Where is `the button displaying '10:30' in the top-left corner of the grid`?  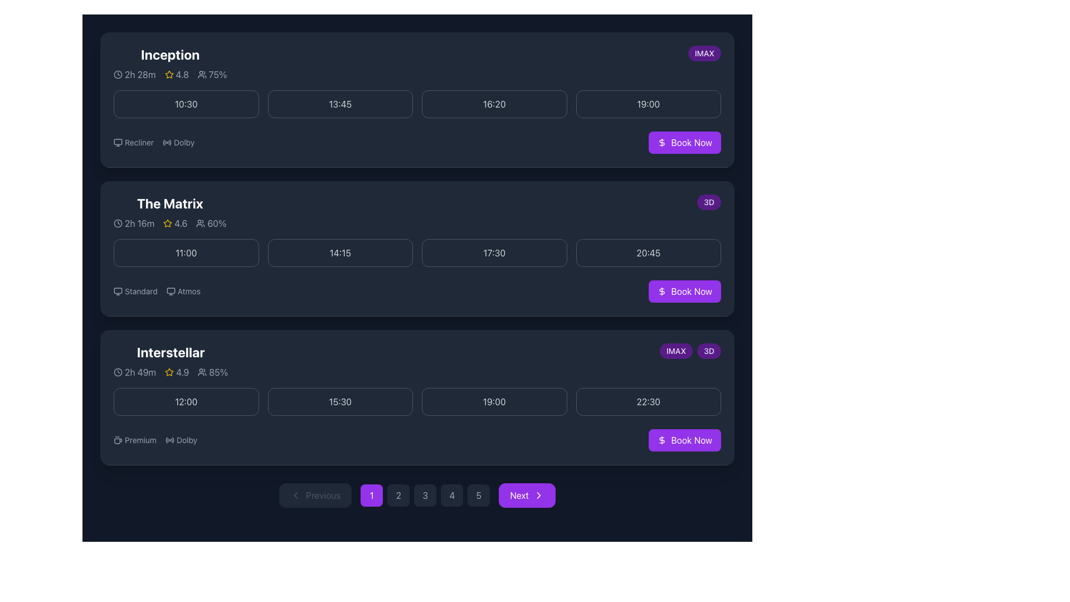 the button displaying '10:30' in the top-left corner of the grid is located at coordinates (186, 104).